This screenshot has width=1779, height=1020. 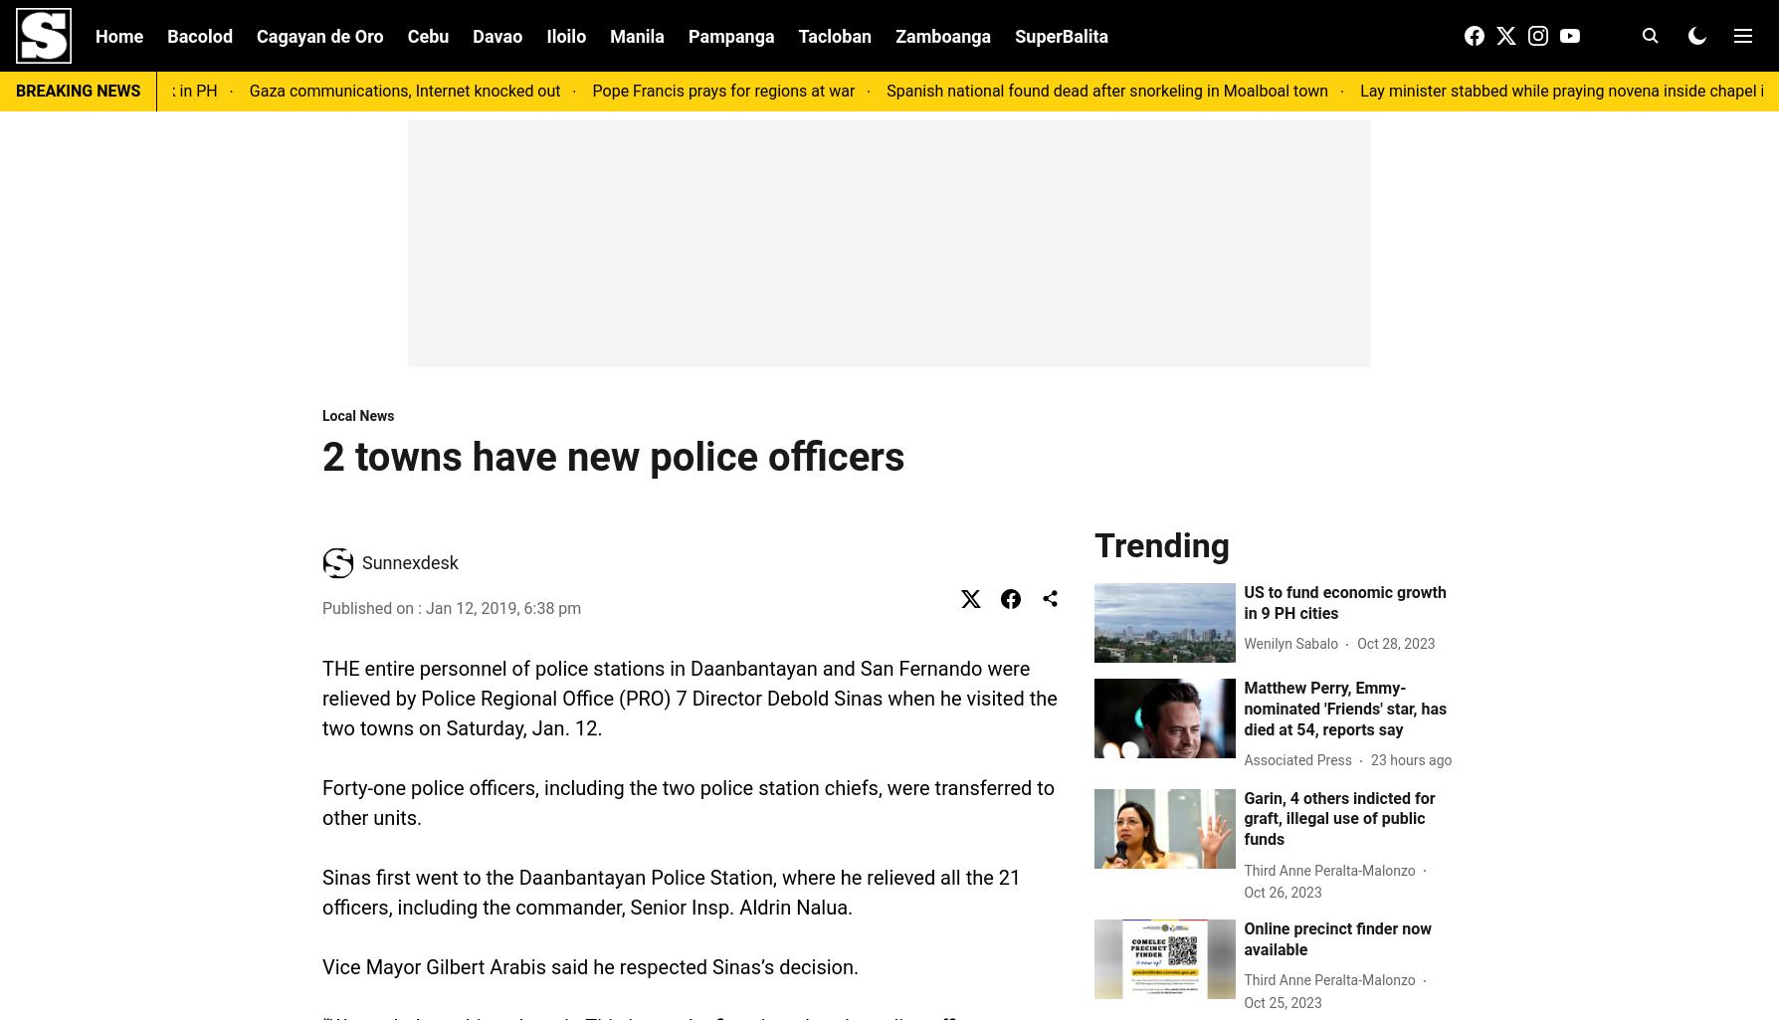 I want to click on '2 towns have new police officers', so click(x=613, y=456).